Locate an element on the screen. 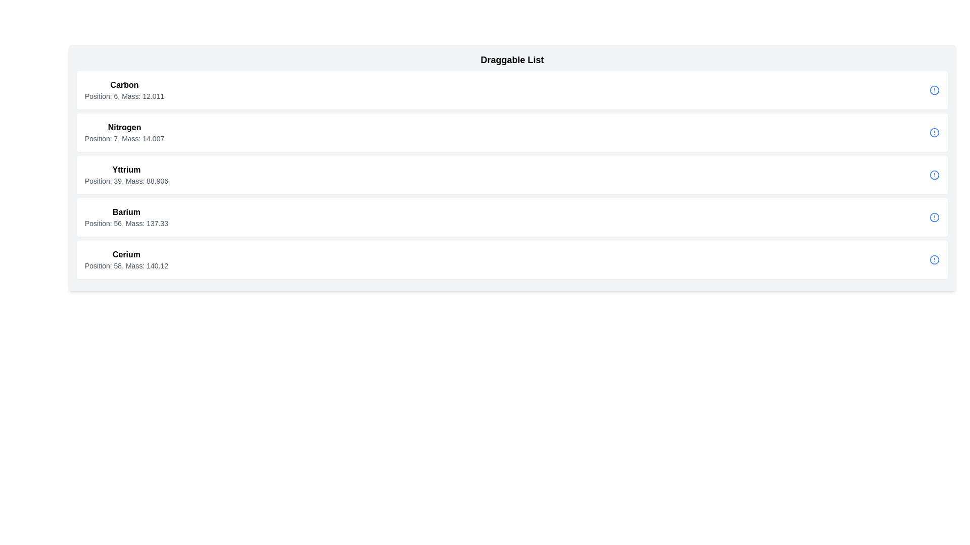  the fifth item in the 'Draggable List' is located at coordinates (512, 259).